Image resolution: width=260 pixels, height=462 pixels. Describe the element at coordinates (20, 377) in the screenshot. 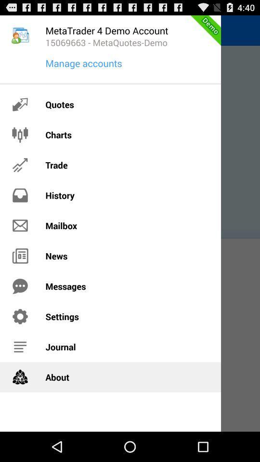

I see `the icon next to about` at that location.